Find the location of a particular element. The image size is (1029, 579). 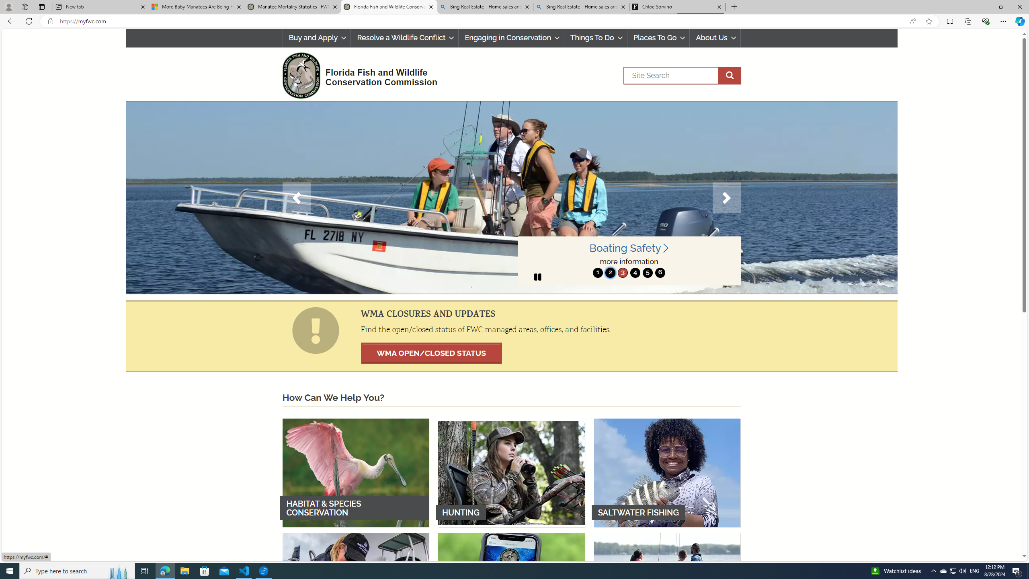

'Tab actions menu' is located at coordinates (41, 6).